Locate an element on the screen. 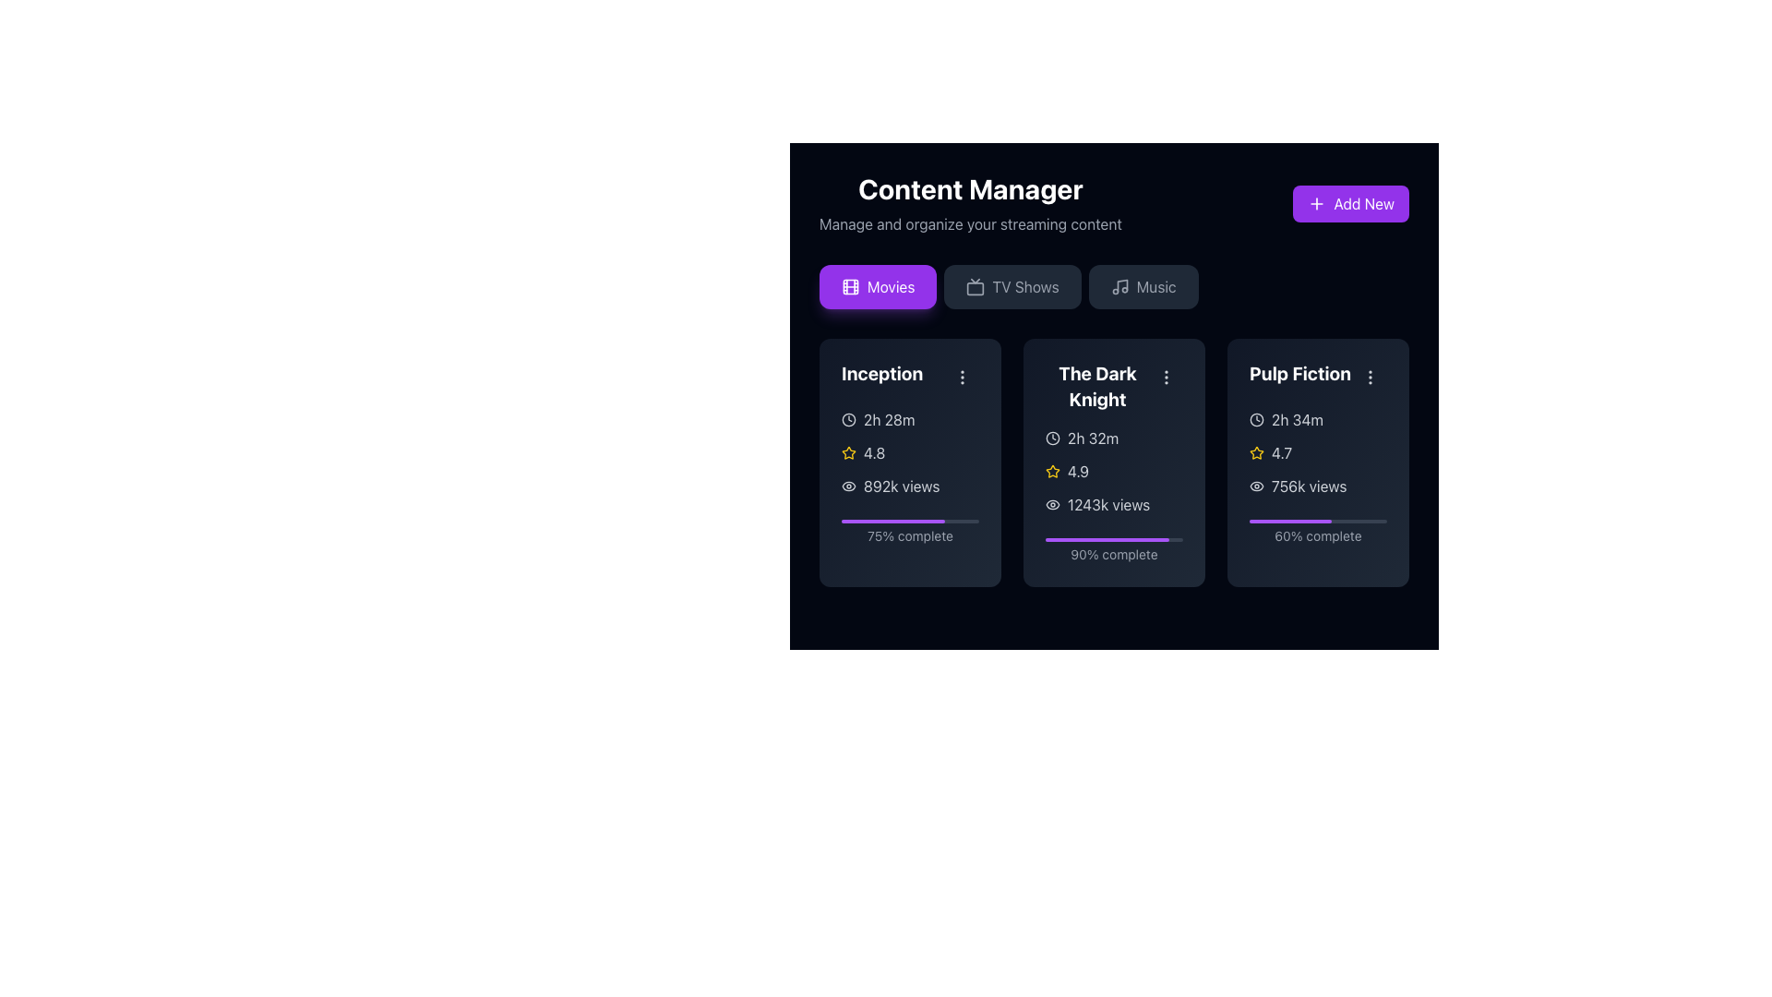 The image size is (1772, 997). the eye icon indicating views or visibility located in the third card ('Pulp Fiction') of the Content Manager interface, adjacent to the text '756k views' is located at coordinates (1256, 486).